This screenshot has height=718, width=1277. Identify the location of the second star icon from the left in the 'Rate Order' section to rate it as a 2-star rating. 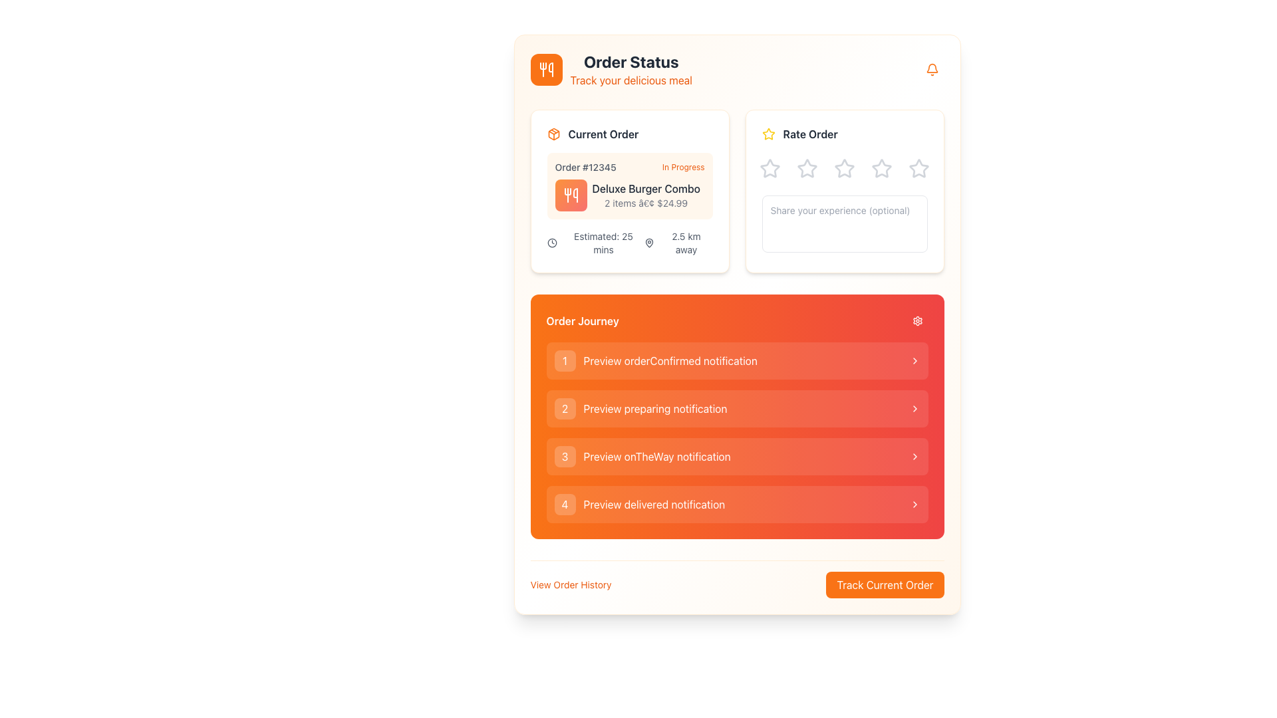
(844, 168).